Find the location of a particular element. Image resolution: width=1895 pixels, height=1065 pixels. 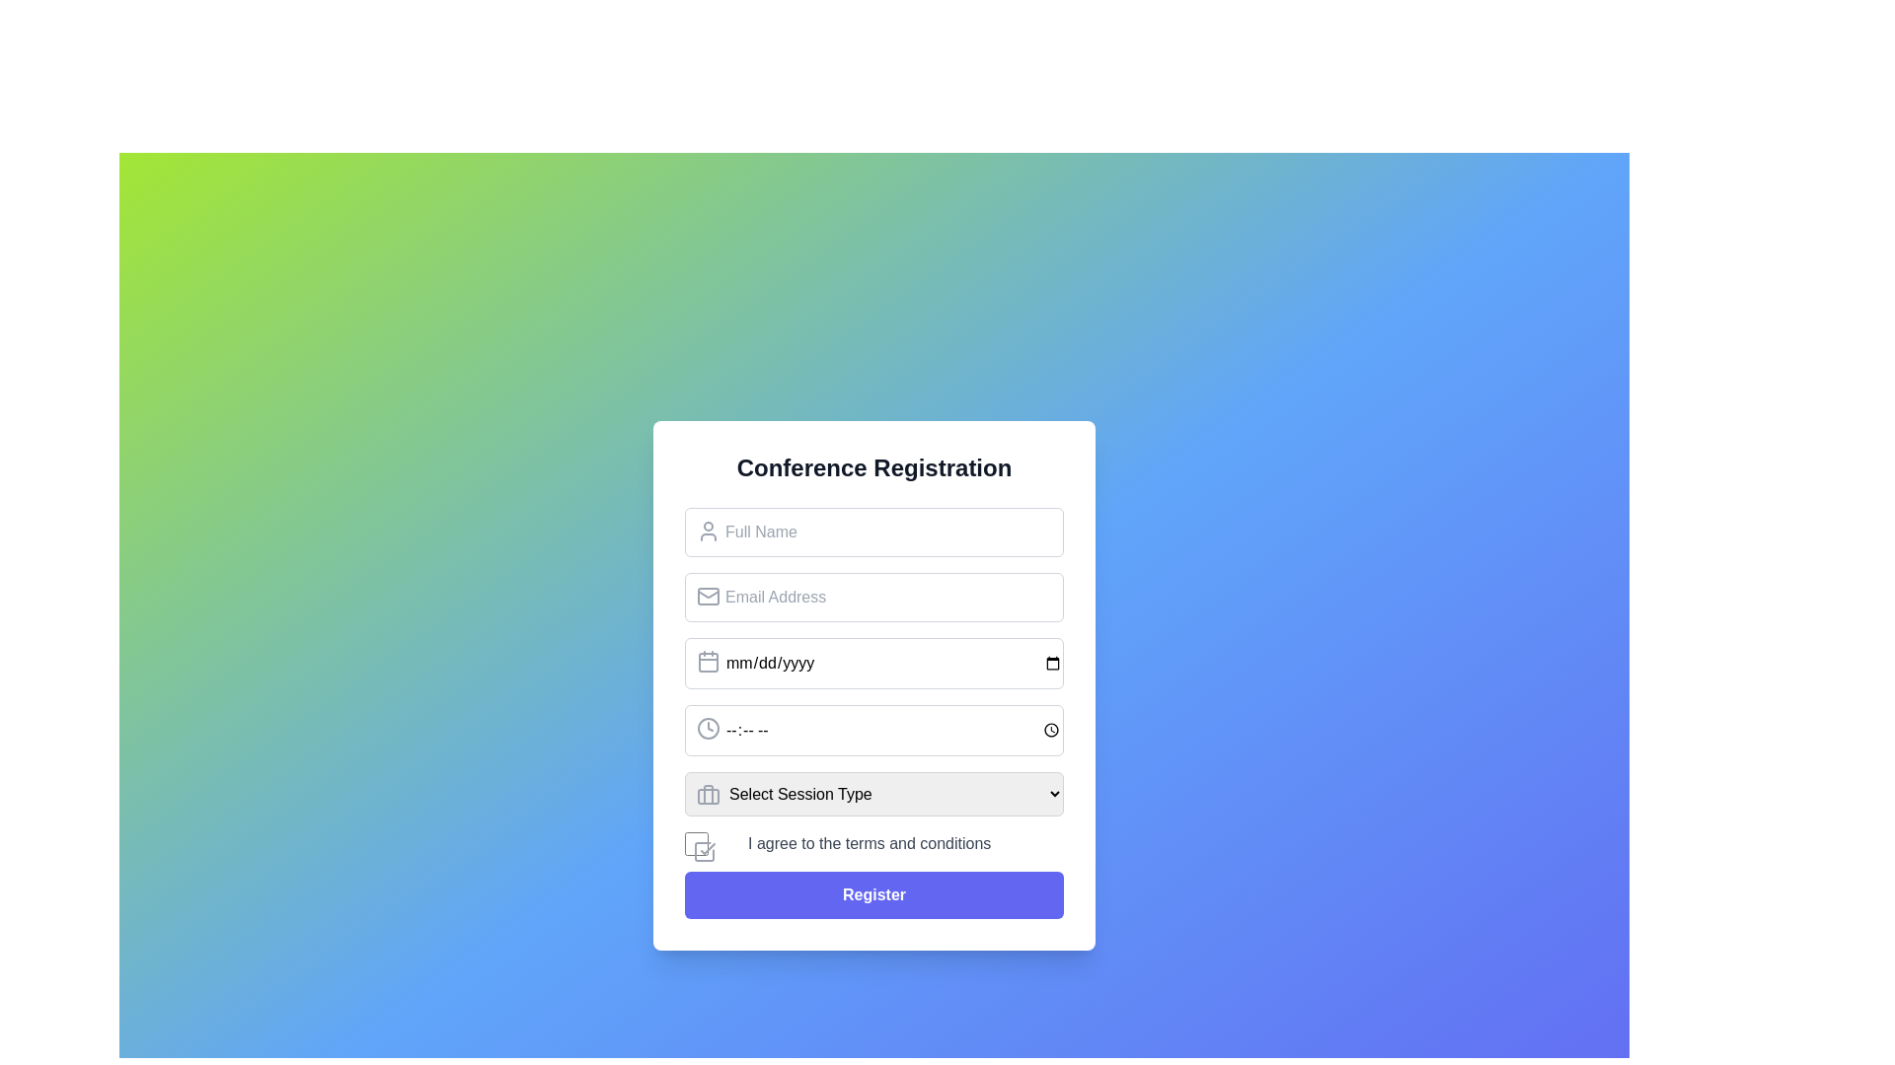

the appearance of the SVG icon resembling a checkbox with a check mark located at the bottom part of the form layout, to the left of the text 'I agree to the terms and conditions.' is located at coordinates (705, 850).